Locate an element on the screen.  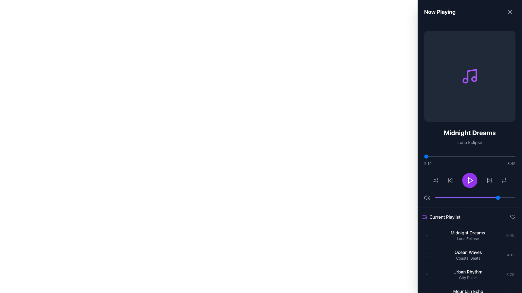
the circular interactive icon with an 'X' symbol located in the upper-right section of the header area is located at coordinates (510, 12).